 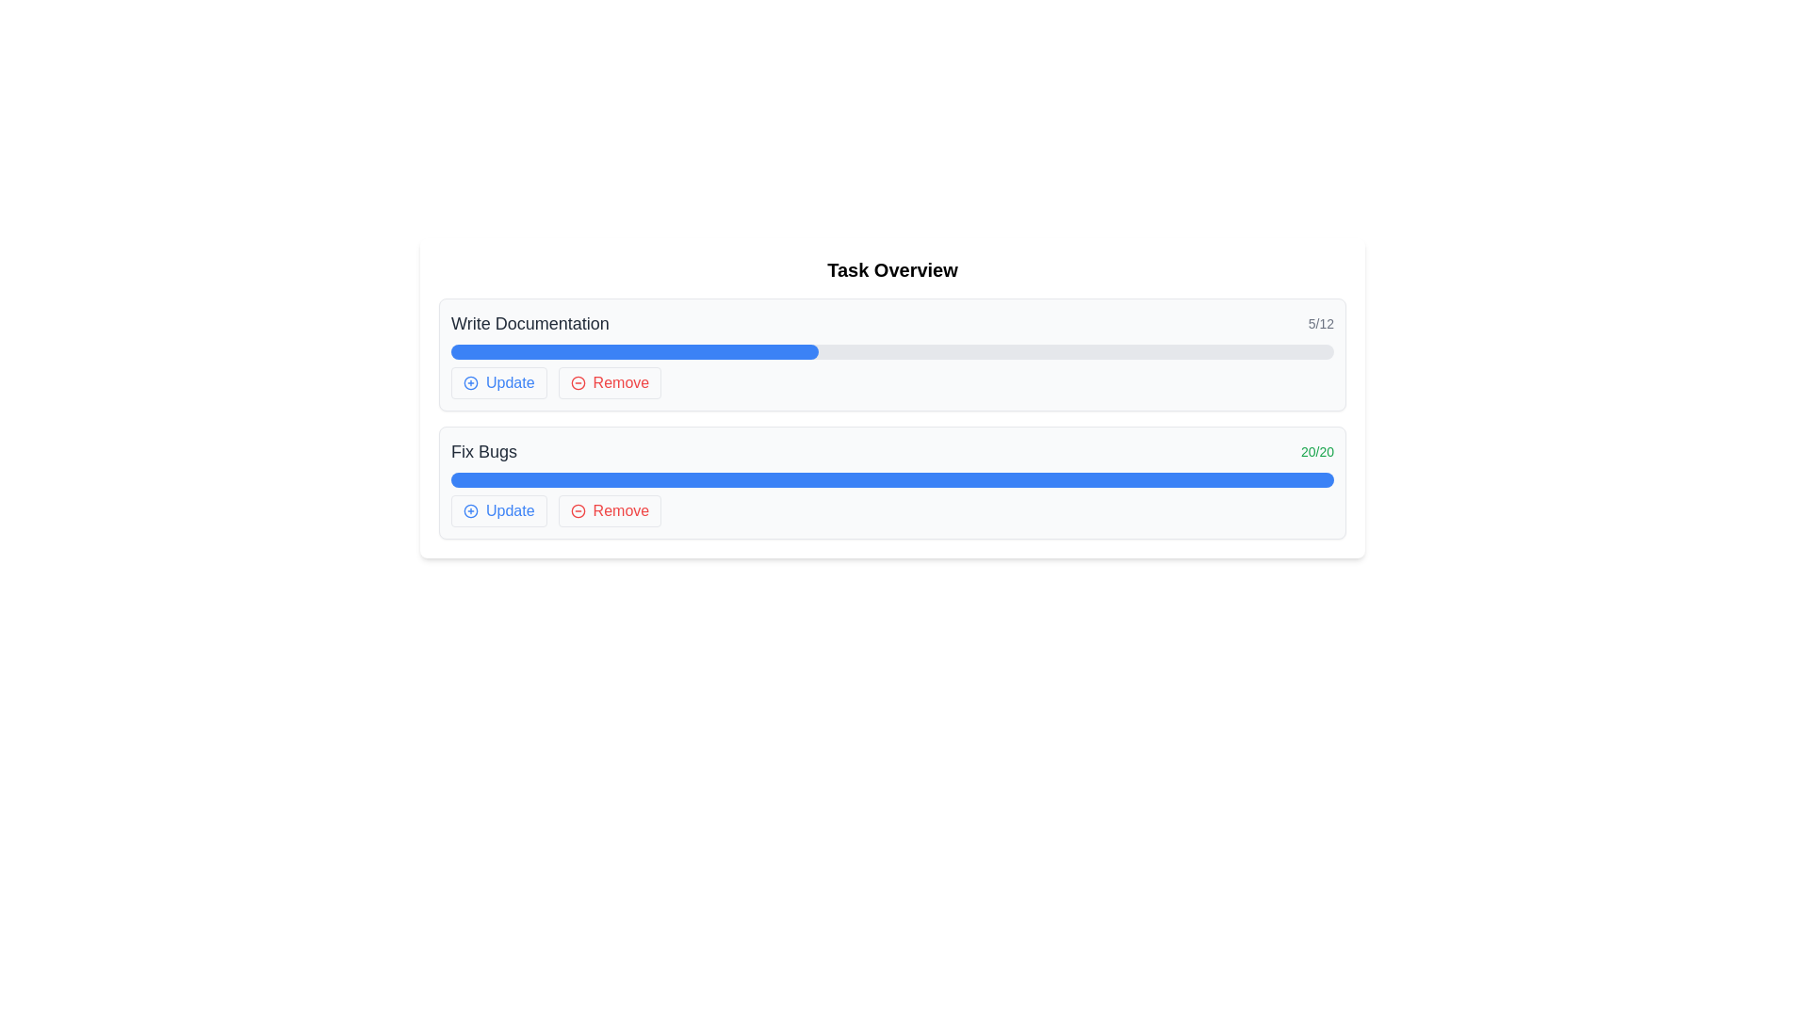 I want to click on the 'Update' button which contains the Circle Plus icon, so click(x=470, y=511).